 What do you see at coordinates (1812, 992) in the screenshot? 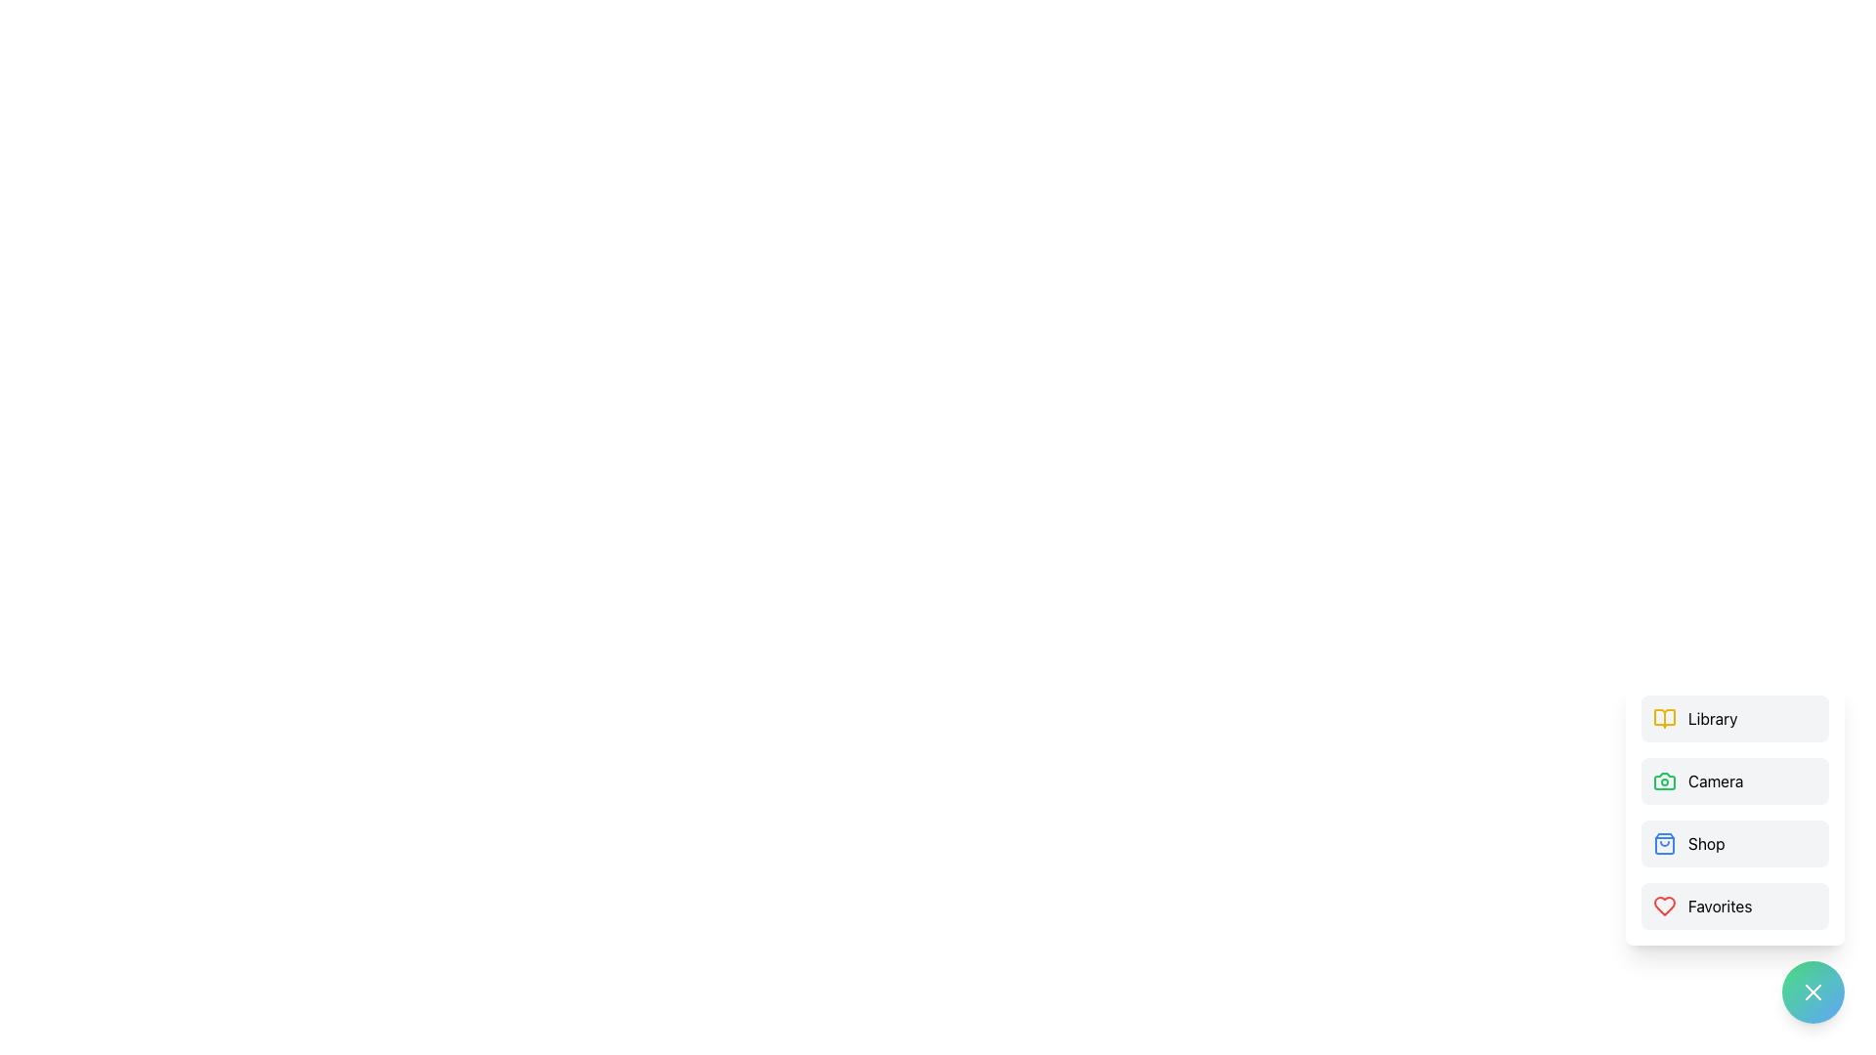
I see `the cross icon located in the bottom-right corner of the interface` at bounding box center [1812, 992].